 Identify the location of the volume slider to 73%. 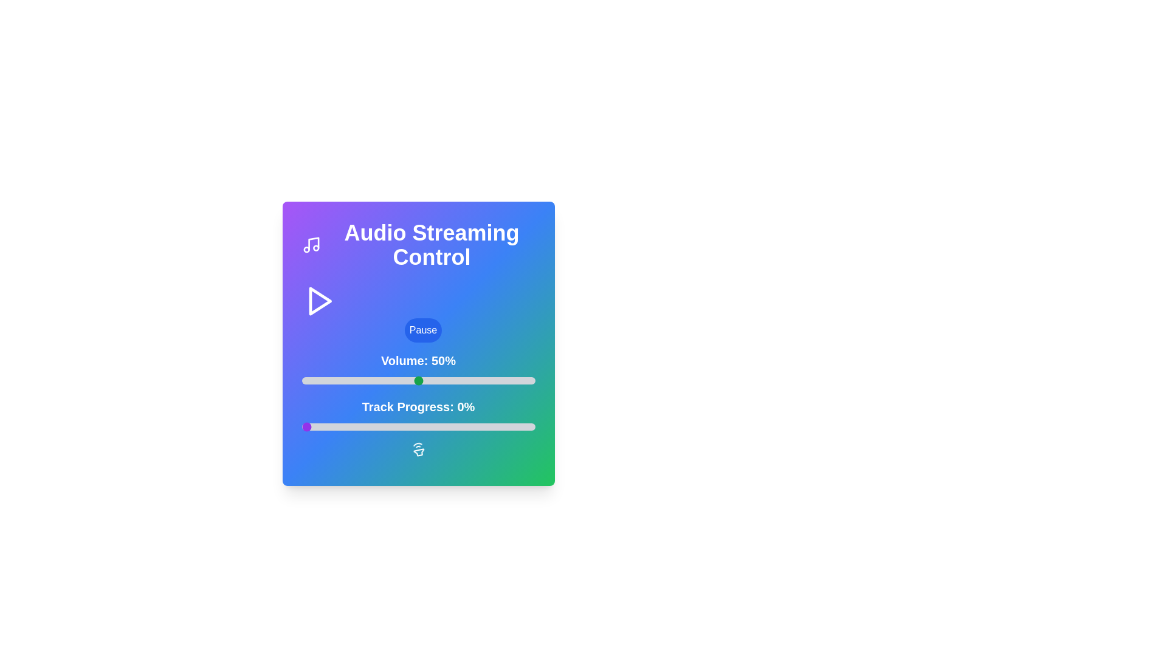
(471, 380).